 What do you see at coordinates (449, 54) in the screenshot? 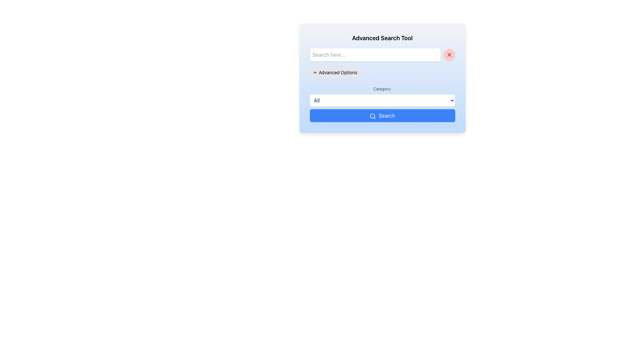
I see `the clear button located near the top-right corner of the text search input box in the Advanced Search Tool interface to clear the input field` at bounding box center [449, 54].